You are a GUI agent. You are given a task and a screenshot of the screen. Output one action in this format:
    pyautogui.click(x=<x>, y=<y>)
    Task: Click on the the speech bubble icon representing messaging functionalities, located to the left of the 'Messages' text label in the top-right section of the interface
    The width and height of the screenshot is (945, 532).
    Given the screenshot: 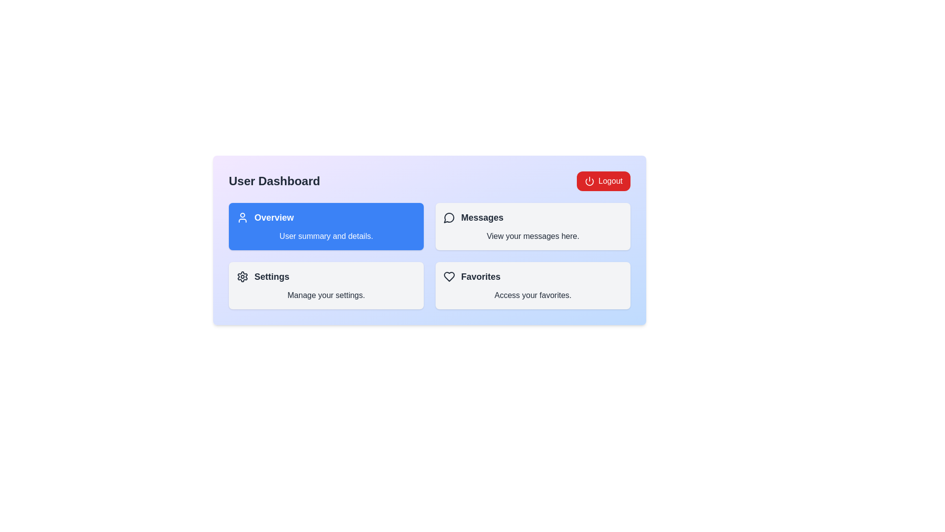 What is the action you would take?
    pyautogui.click(x=448, y=217)
    